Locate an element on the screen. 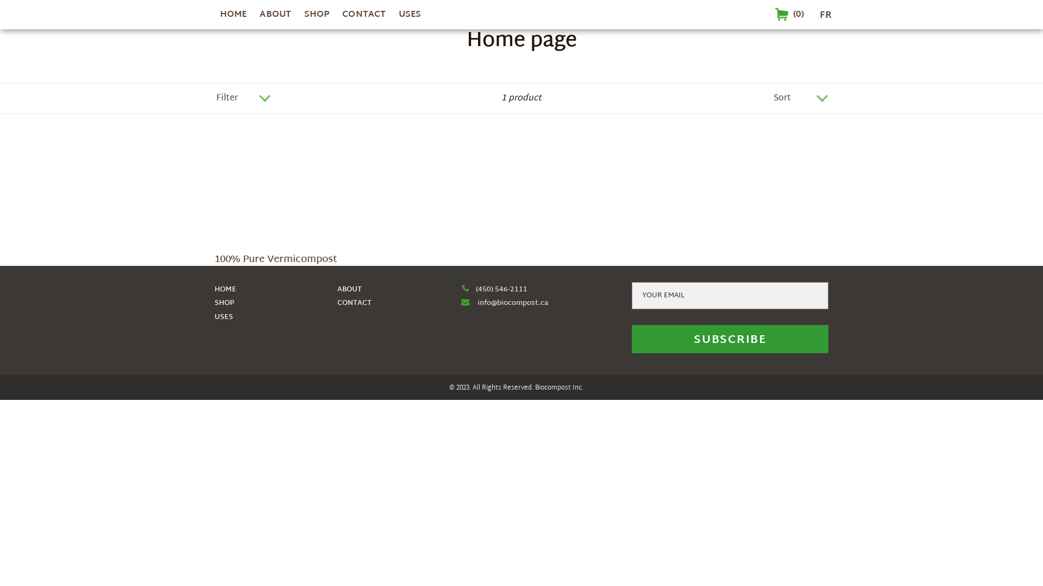 The width and height of the screenshot is (1043, 586). 'fa-envelope' is located at coordinates (465, 302).